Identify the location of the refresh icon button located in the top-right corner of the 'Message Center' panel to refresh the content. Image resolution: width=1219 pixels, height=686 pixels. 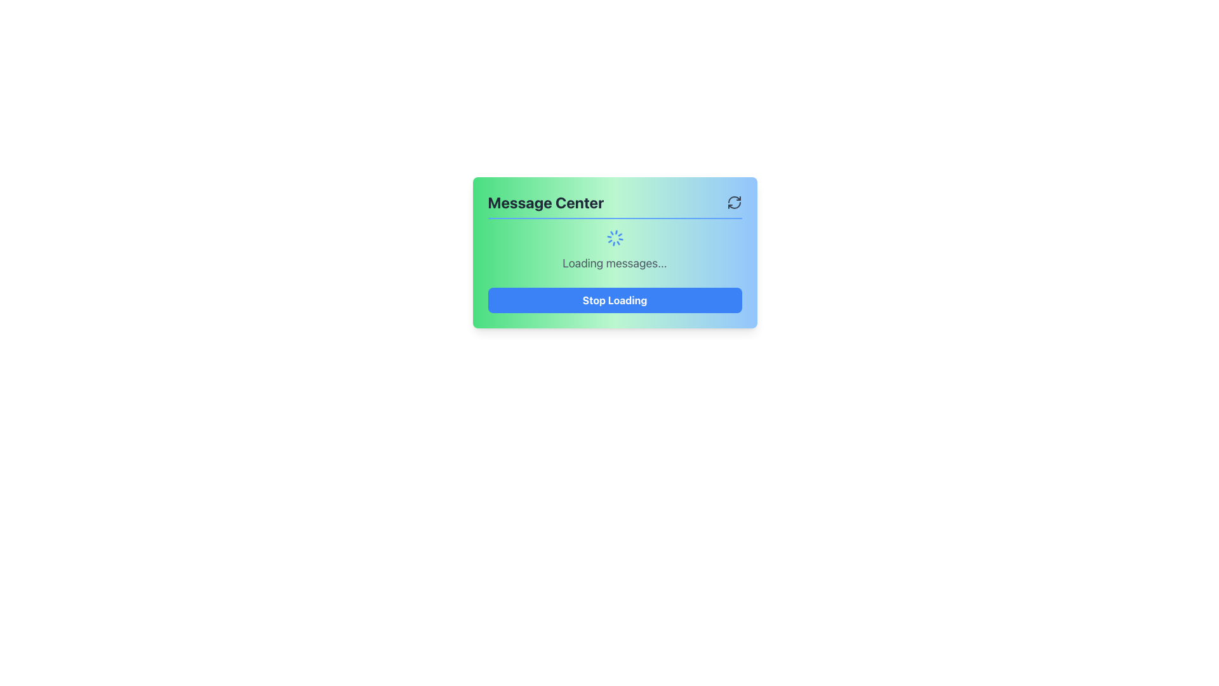
(734, 202).